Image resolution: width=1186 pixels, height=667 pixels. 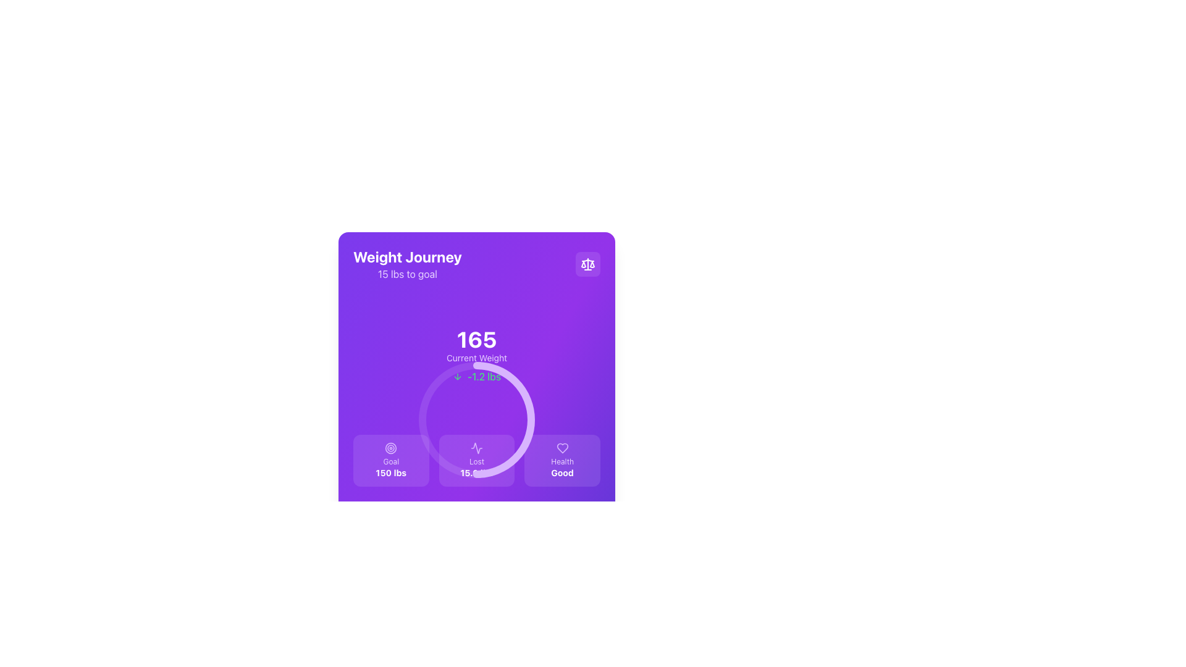 What do you see at coordinates (476, 375) in the screenshot?
I see `displayed information from the text element indicating a weight decrease of '-1.2 lbs', which is positioned under the main weight value '165'` at bounding box center [476, 375].